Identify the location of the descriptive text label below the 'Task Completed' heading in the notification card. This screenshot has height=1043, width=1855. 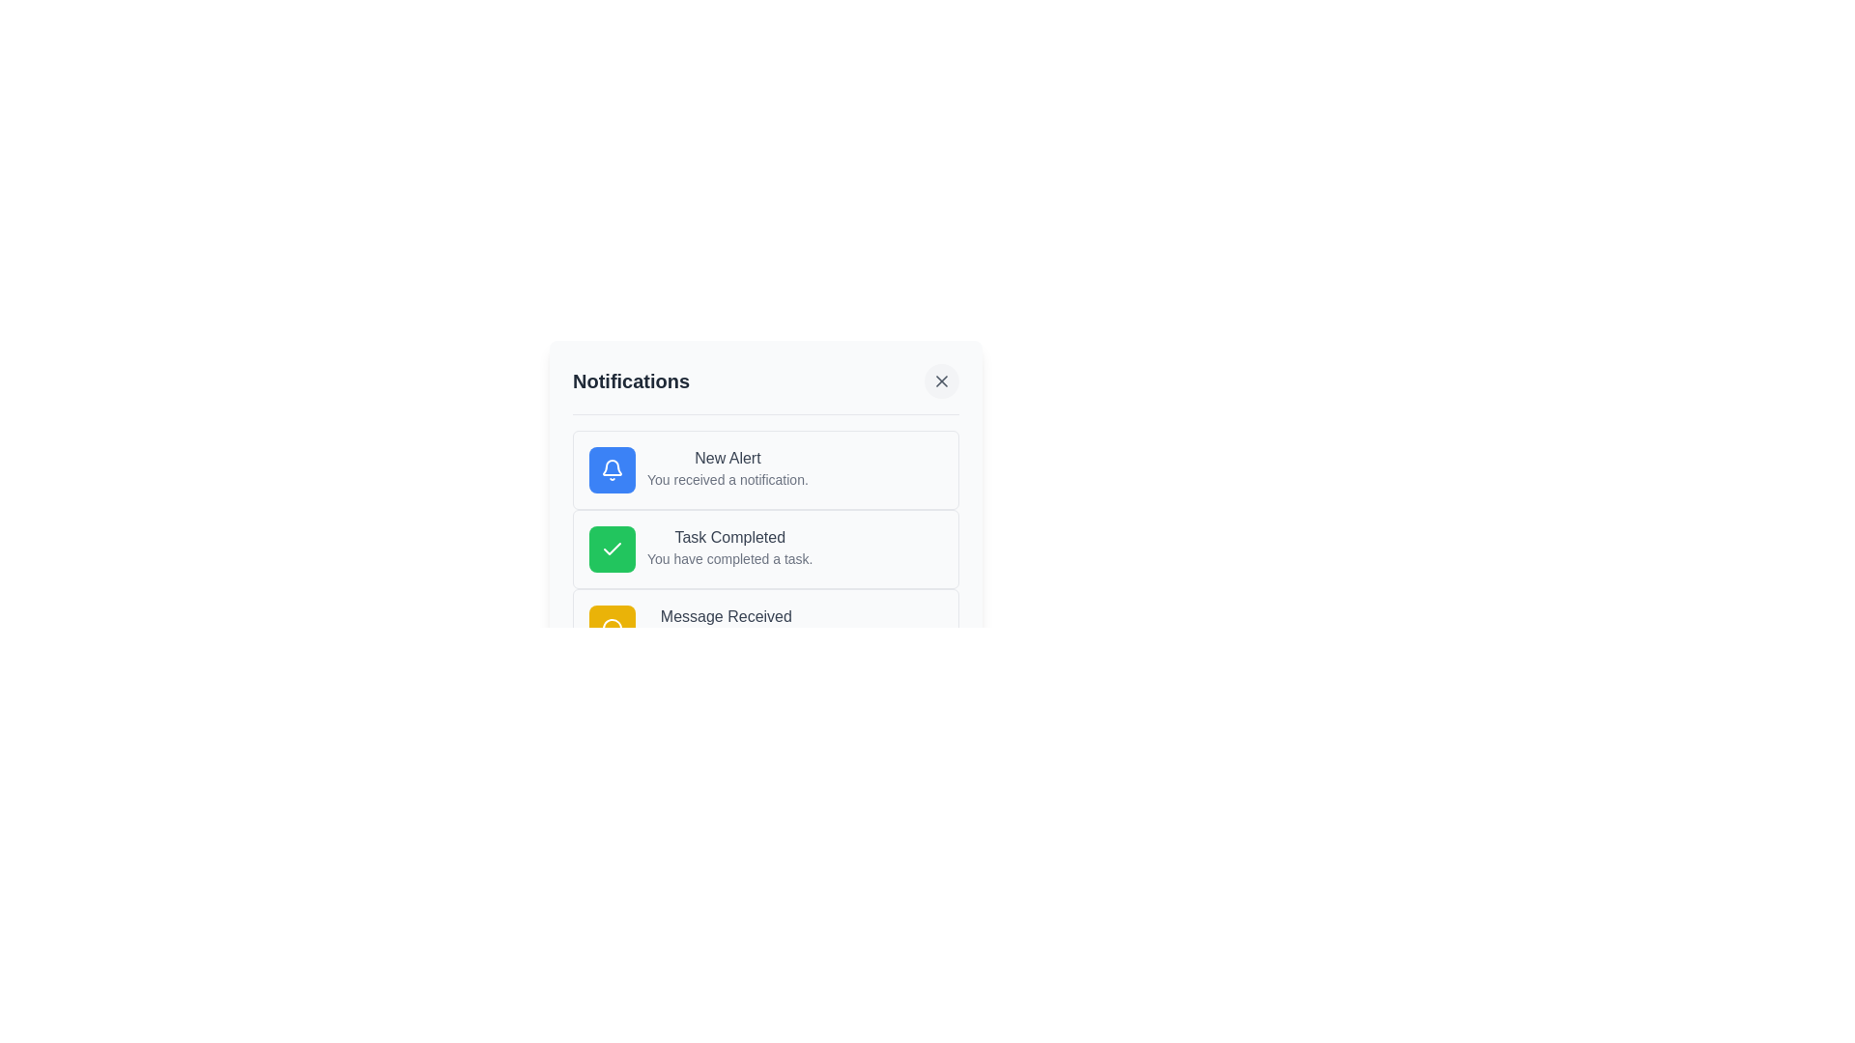
(728, 558).